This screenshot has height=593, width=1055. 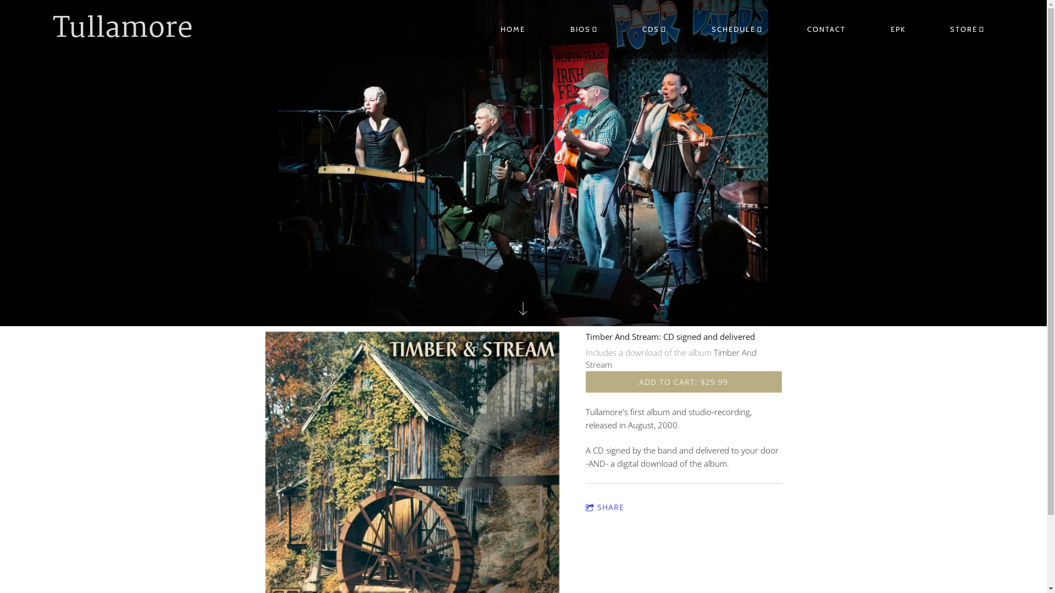 I want to click on 'EPK', so click(x=897, y=29).